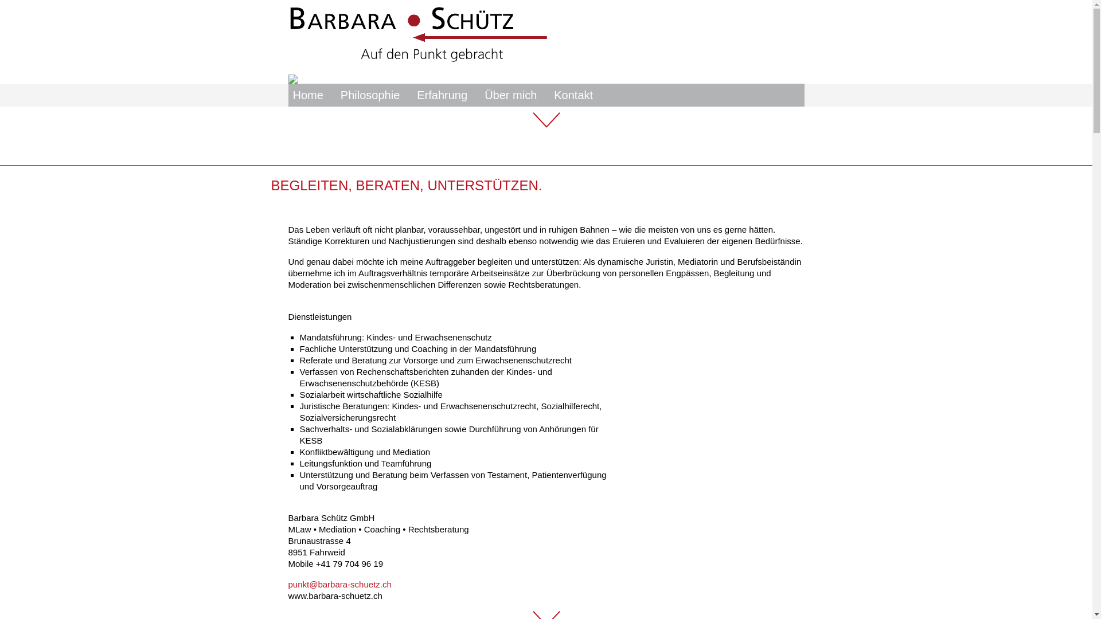 Image resolution: width=1101 pixels, height=619 pixels. Describe the element at coordinates (442, 94) in the screenshot. I see `'Erfahrung'` at that location.